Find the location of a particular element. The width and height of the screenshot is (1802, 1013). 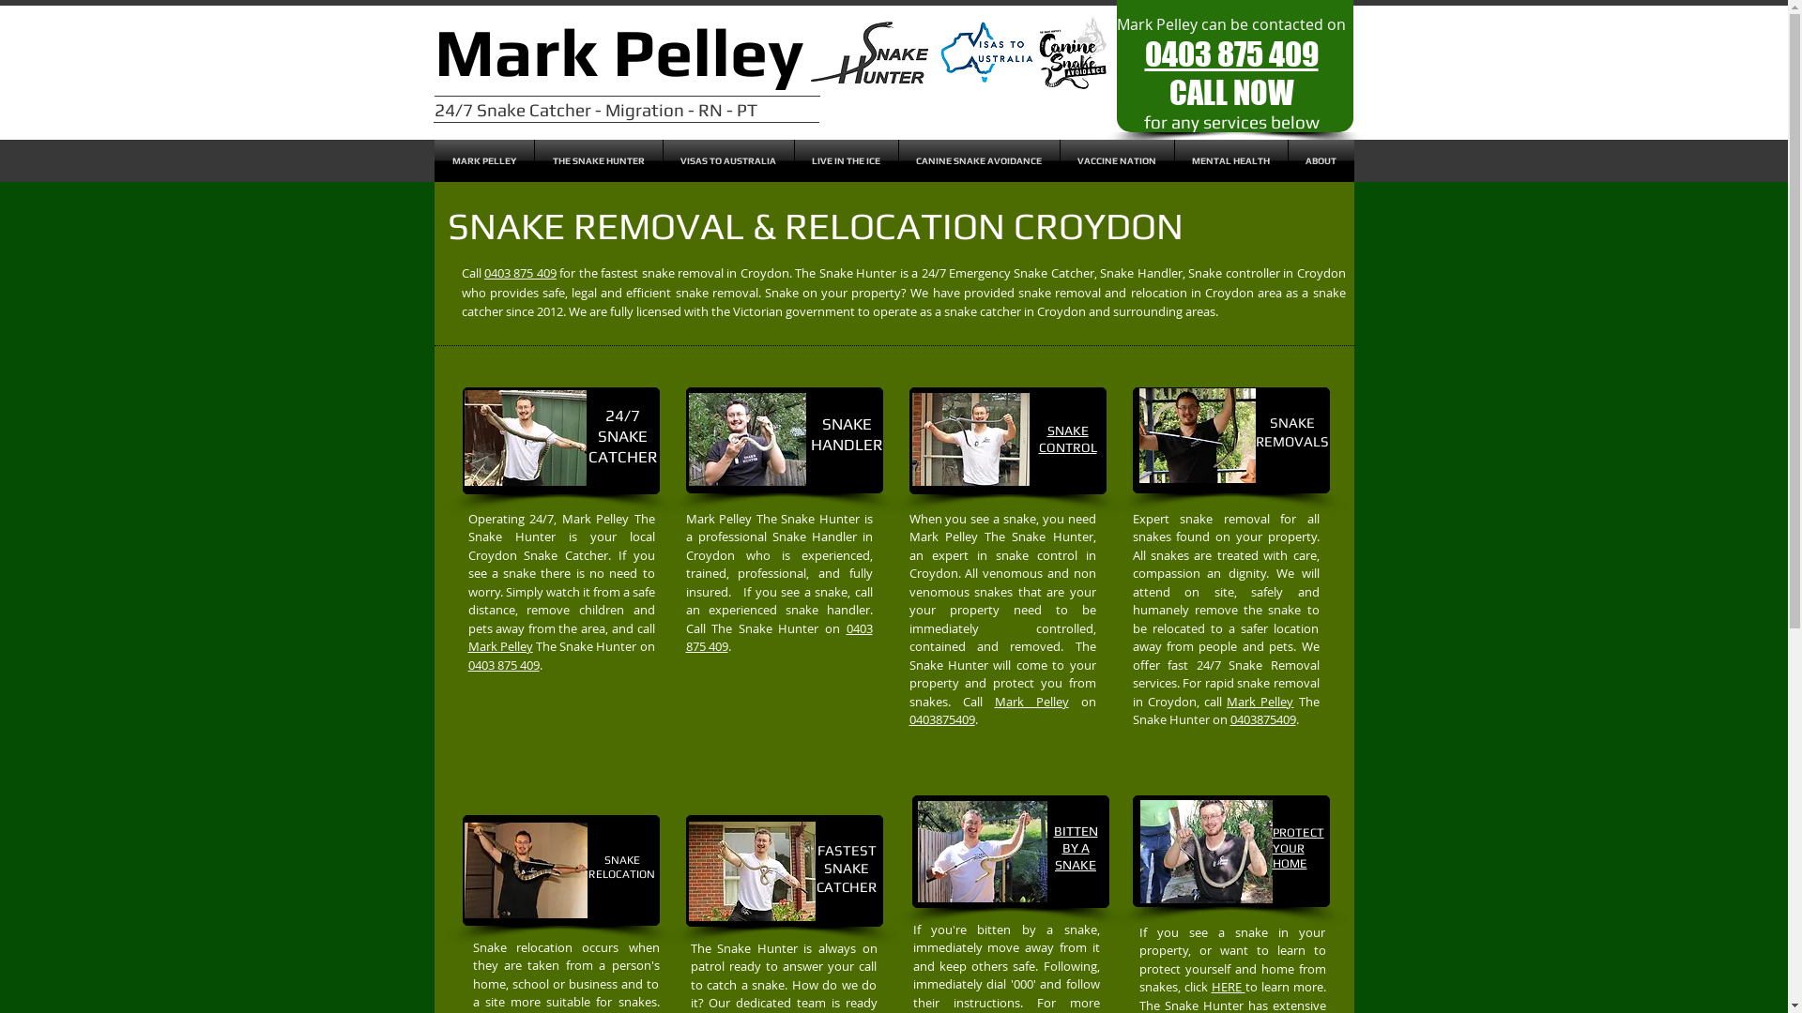

'24/7 Snake Catcher - Migration - RN - PT' is located at coordinates (593, 109).